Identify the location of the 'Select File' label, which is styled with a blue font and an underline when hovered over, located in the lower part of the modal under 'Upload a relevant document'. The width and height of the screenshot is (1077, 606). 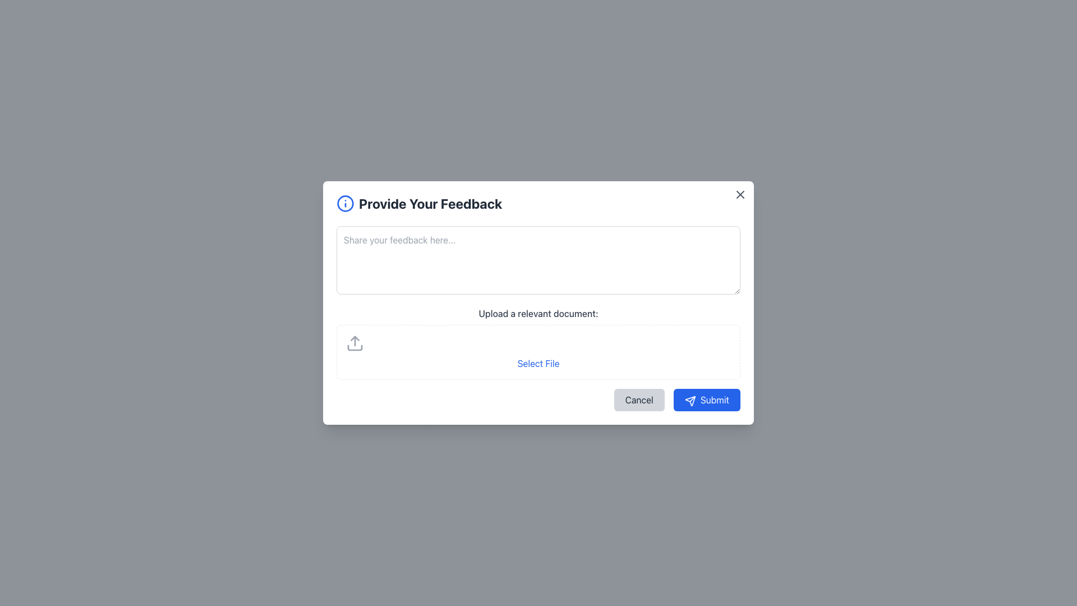
(538, 364).